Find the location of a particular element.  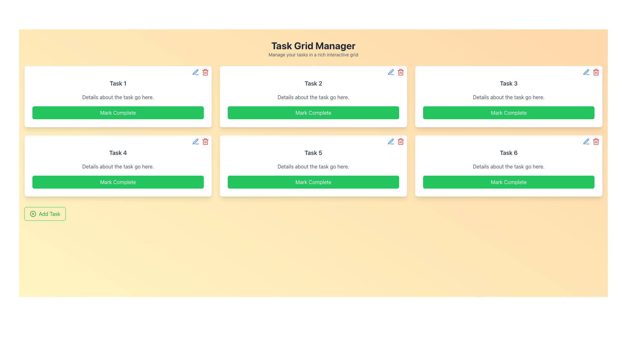

the pen-line part of the edit icon located at the top-right corner of Task 4 is located at coordinates (195, 141).